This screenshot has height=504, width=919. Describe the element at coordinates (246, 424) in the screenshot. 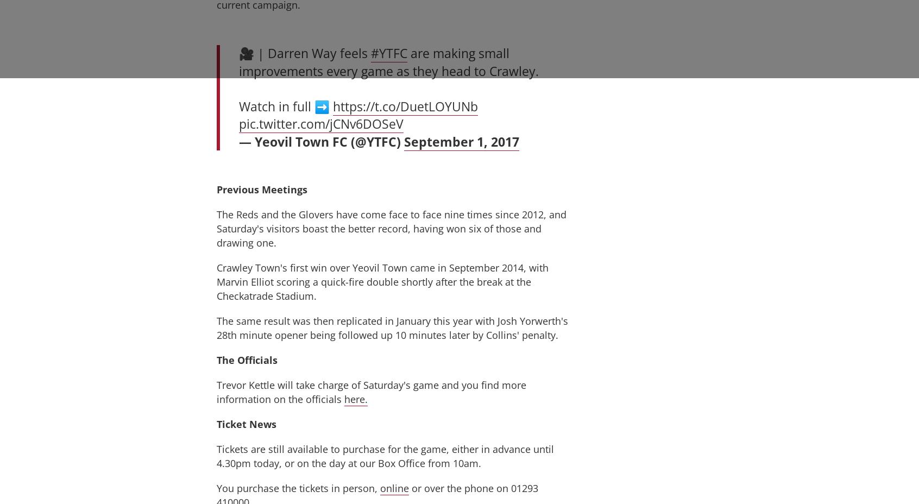

I see `'Ticket News'` at that location.